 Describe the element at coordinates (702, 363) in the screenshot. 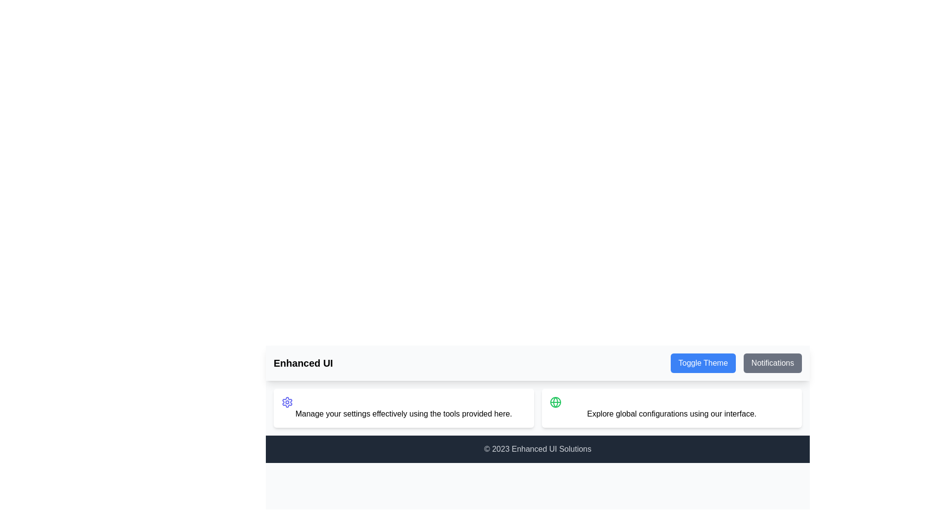

I see `the 'Toggle Theme' button, which is a rectangular button with rounded corners, blue background, and white text located in the top right area of the interface` at that location.